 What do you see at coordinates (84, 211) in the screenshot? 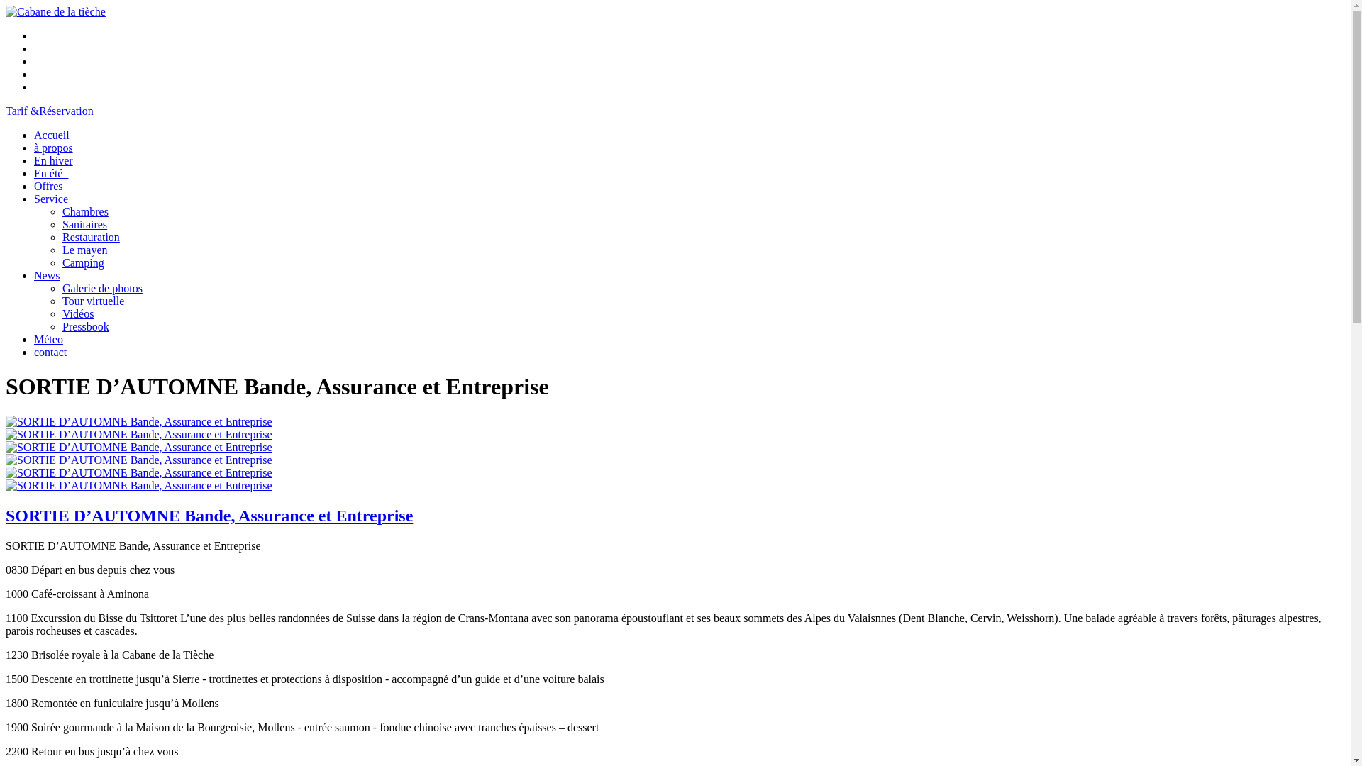
I see `'Chambres'` at bounding box center [84, 211].